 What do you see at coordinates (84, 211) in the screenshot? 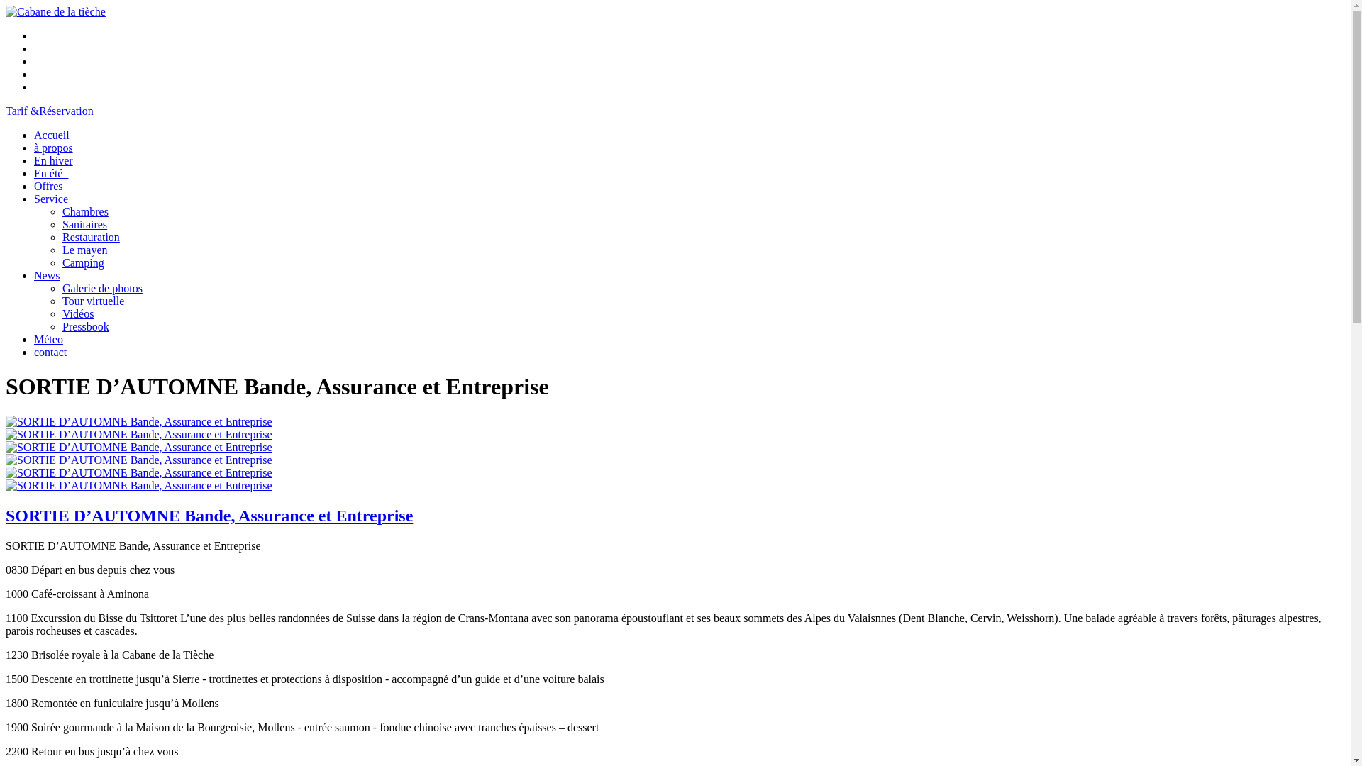
I see `'Chambres'` at bounding box center [84, 211].